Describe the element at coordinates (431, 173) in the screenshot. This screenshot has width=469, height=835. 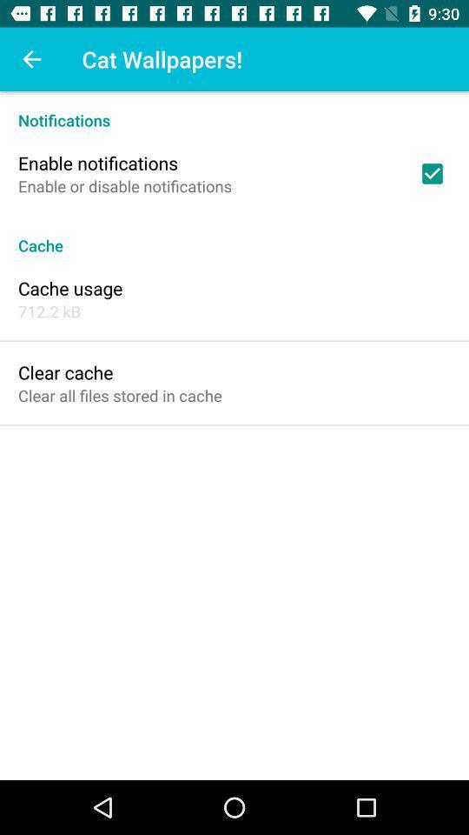
I see `item next to the enable or disable item` at that location.